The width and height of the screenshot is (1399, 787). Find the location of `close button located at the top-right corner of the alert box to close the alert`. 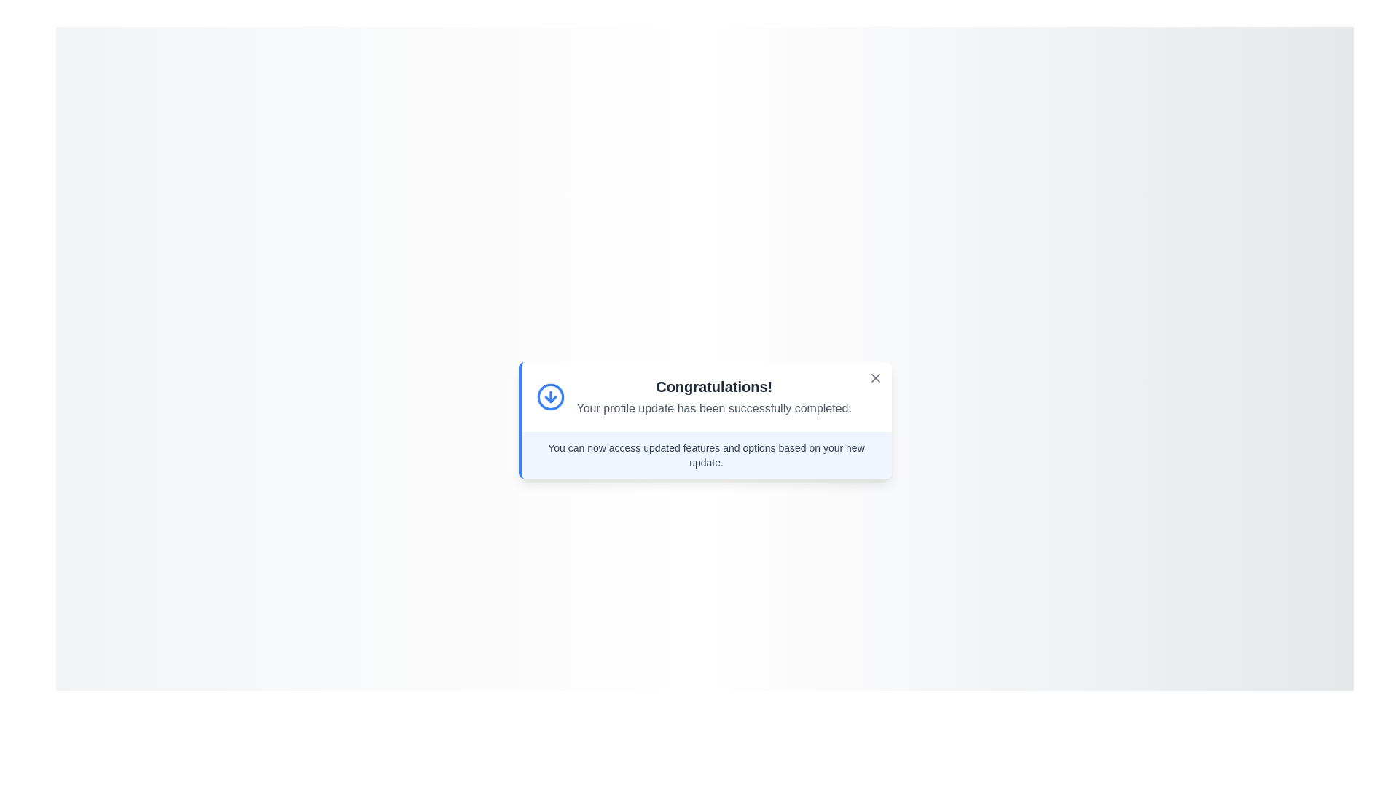

close button located at the top-right corner of the alert box to close the alert is located at coordinates (874, 377).